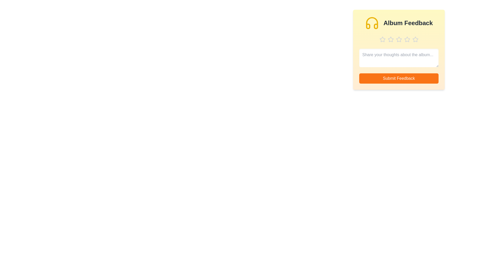  Describe the element at coordinates (407, 39) in the screenshot. I see `the album rating to 4 stars by clicking the corresponding star button` at that location.